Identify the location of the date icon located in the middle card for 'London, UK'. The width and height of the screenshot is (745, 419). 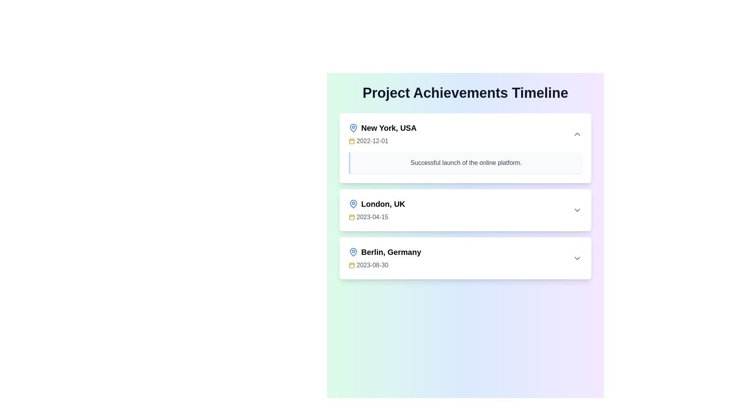
(352, 217).